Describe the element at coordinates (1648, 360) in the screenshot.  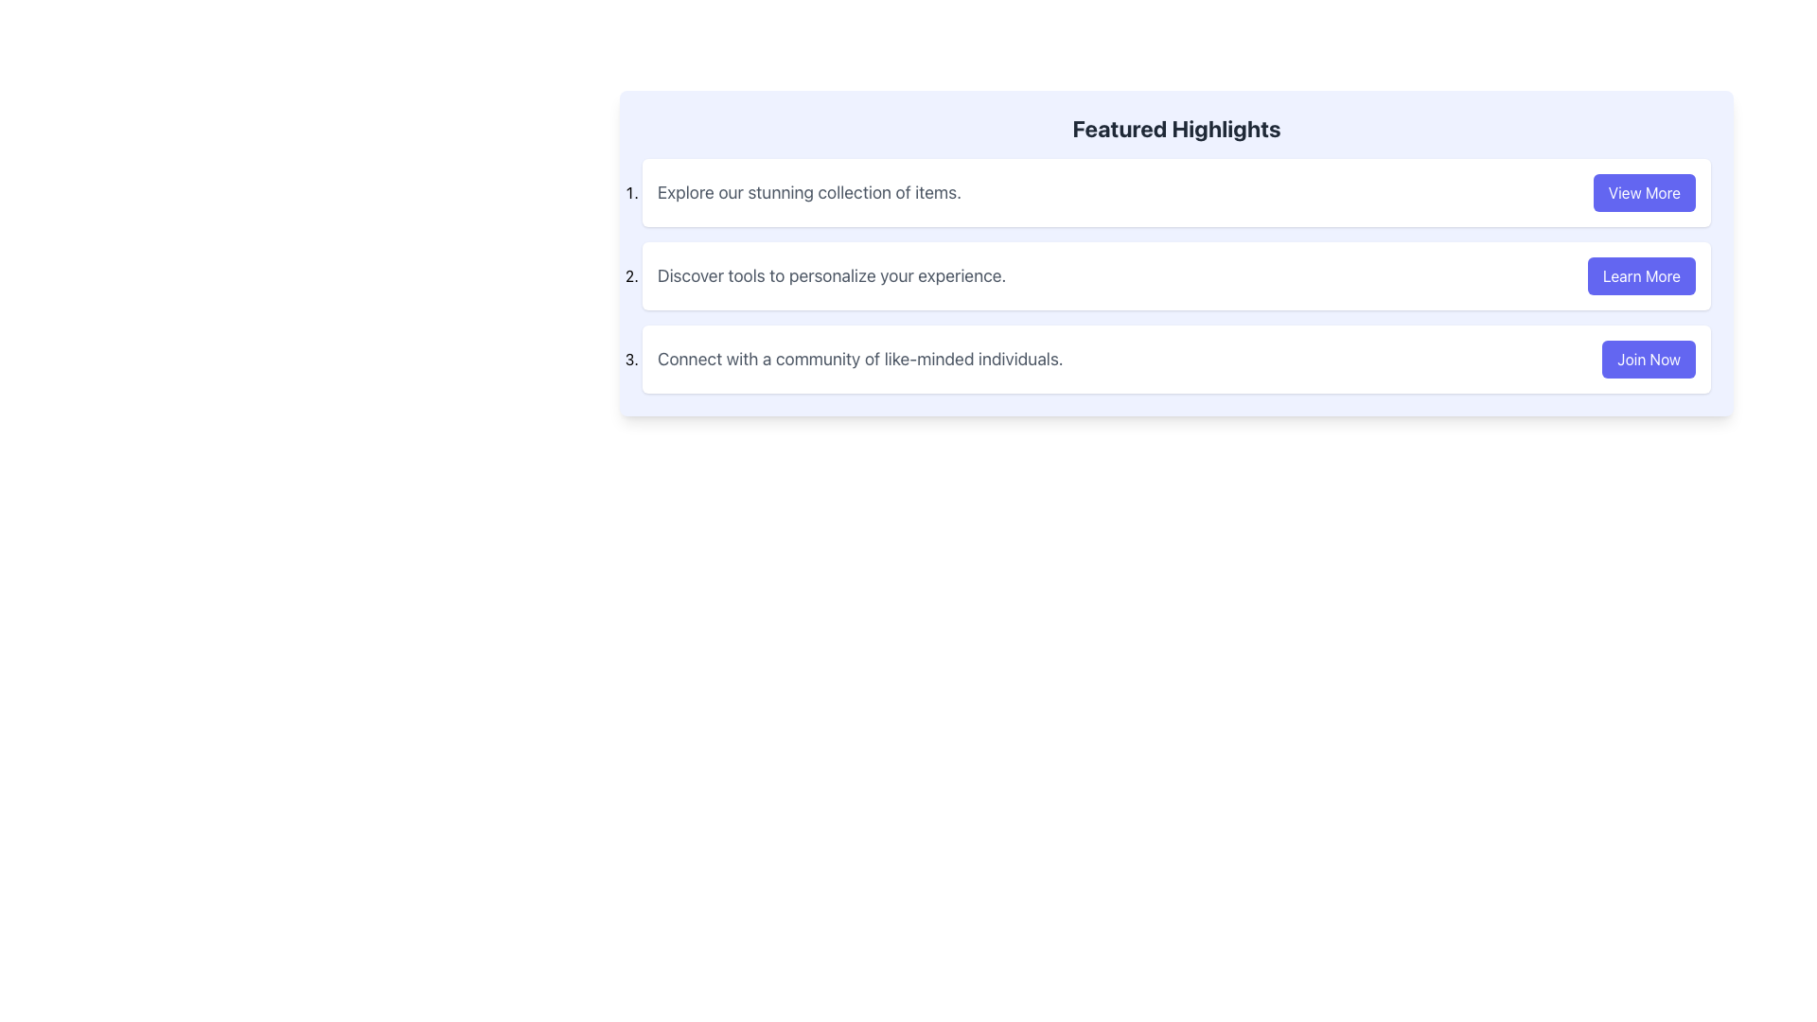
I see `the 'Join Now' button, a rectangular button with rounded corners and indigo background, located on the far right of the third row in a vertical list of features` at that location.